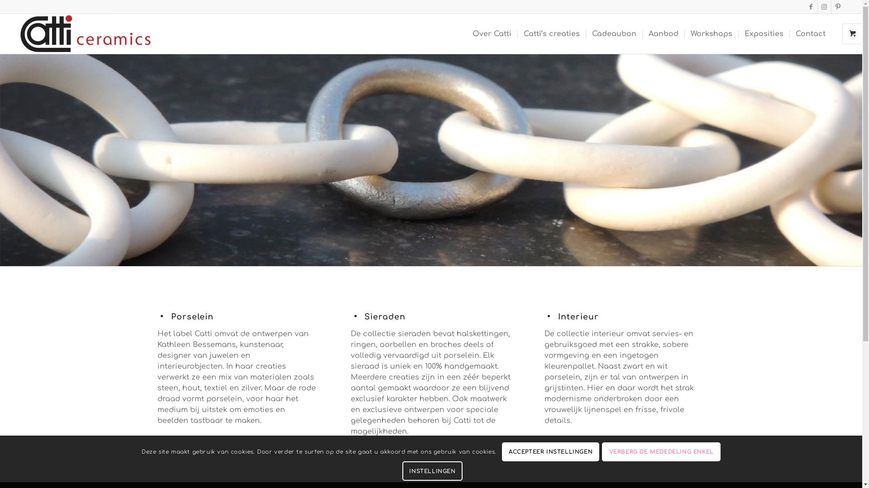 The image size is (869, 488). What do you see at coordinates (432, 470) in the screenshot?
I see `'INSTELLINGEN'` at bounding box center [432, 470].